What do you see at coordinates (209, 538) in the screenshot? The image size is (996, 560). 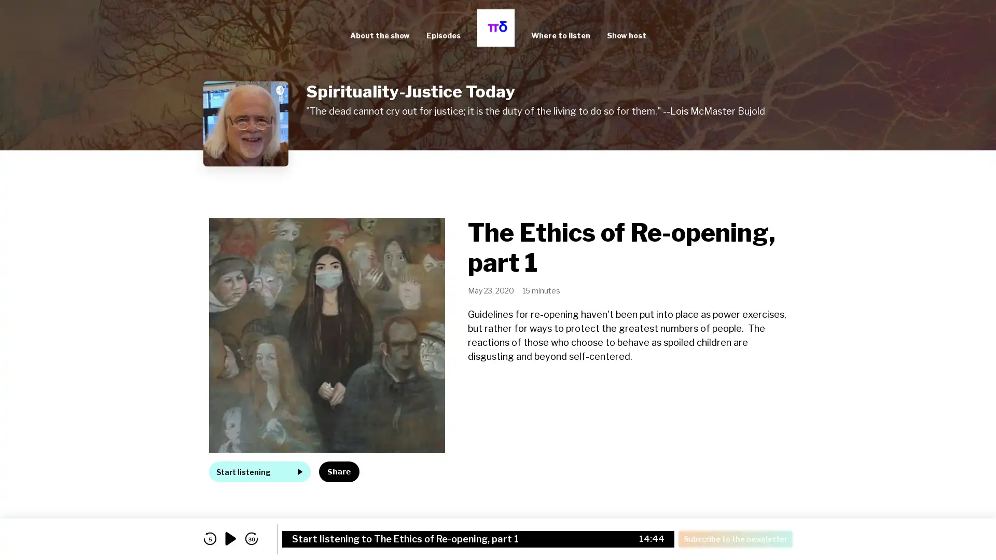 I see `skip back 5 seconds` at bounding box center [209, 538].